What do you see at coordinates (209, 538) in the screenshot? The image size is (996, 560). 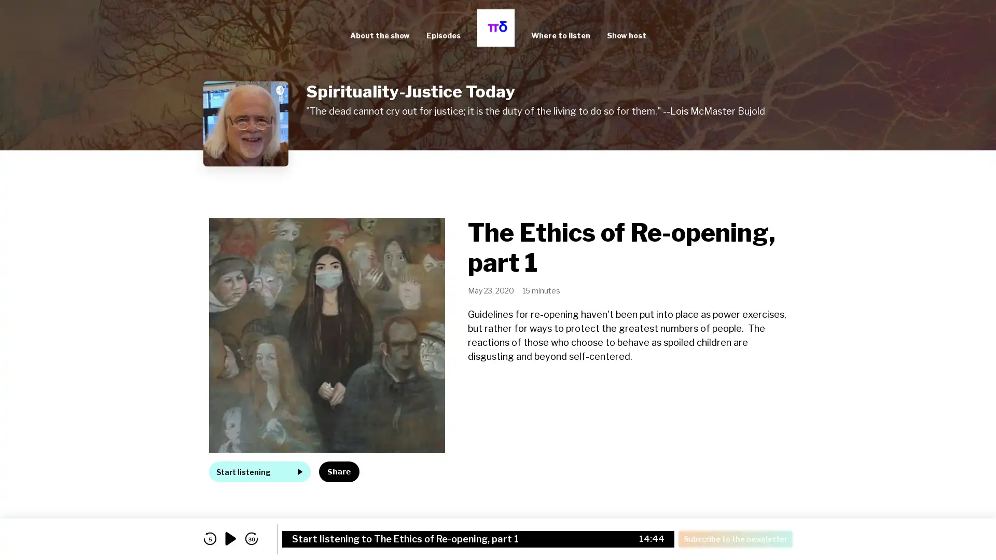 I see `skip back 5 seconds` at bounding box center [209, 538].